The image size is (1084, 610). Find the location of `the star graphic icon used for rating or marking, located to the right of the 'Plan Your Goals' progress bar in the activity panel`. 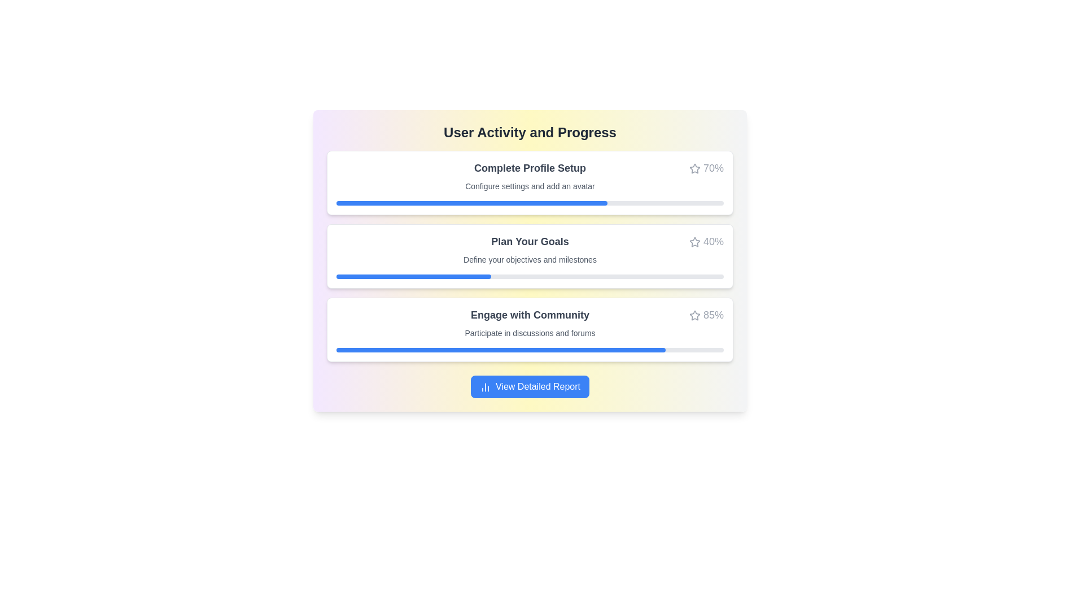

the star graphic icon used for rating or marking, located to the right of the 'Plan Your Goals' progress bar in the activity panel is located at coordinates (694, 241).